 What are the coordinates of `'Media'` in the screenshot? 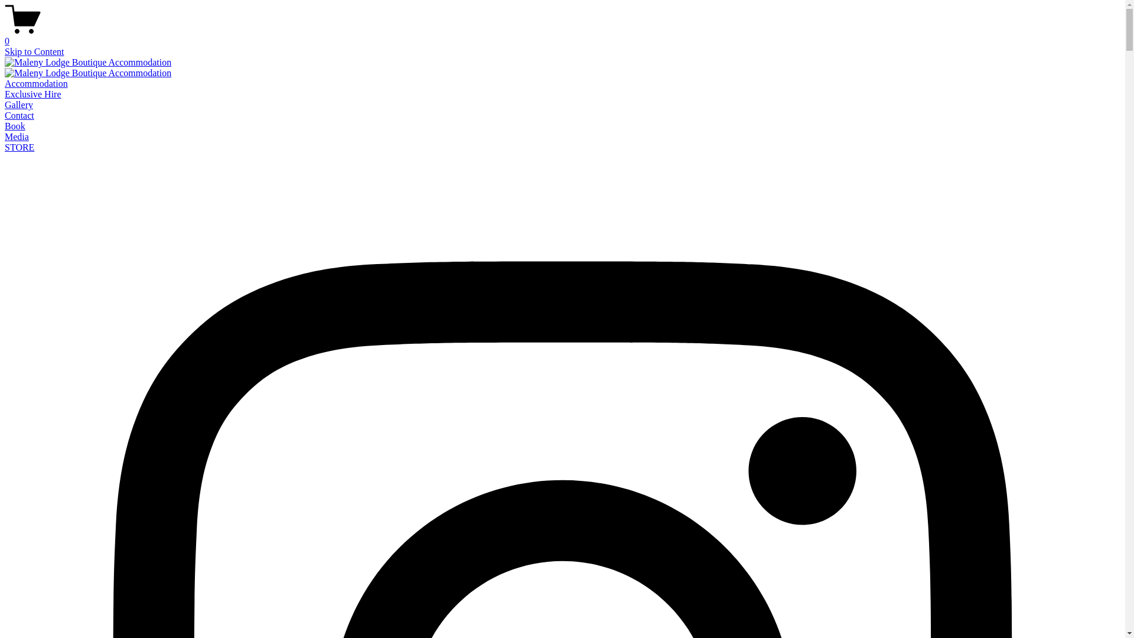 It's located at (17, 136).